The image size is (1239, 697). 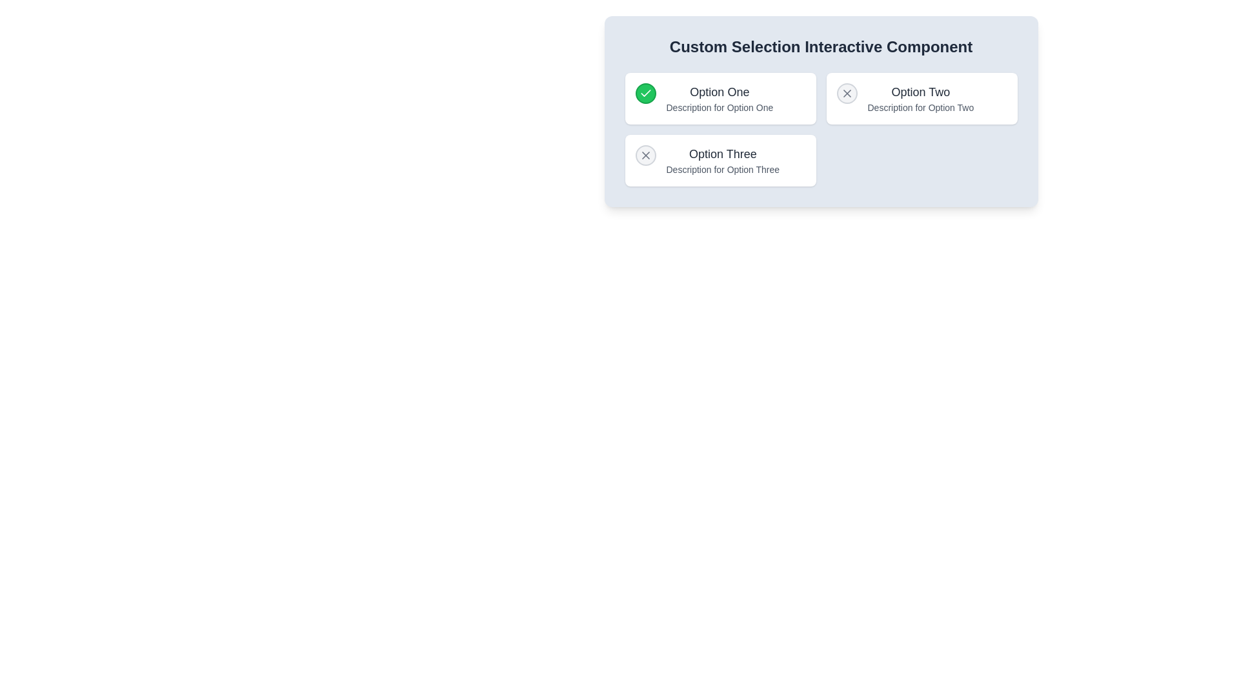 I want to click on the interactive selection option cell with a green checkmark icon located in the top left section of the grid, so click(x=720, y=98).